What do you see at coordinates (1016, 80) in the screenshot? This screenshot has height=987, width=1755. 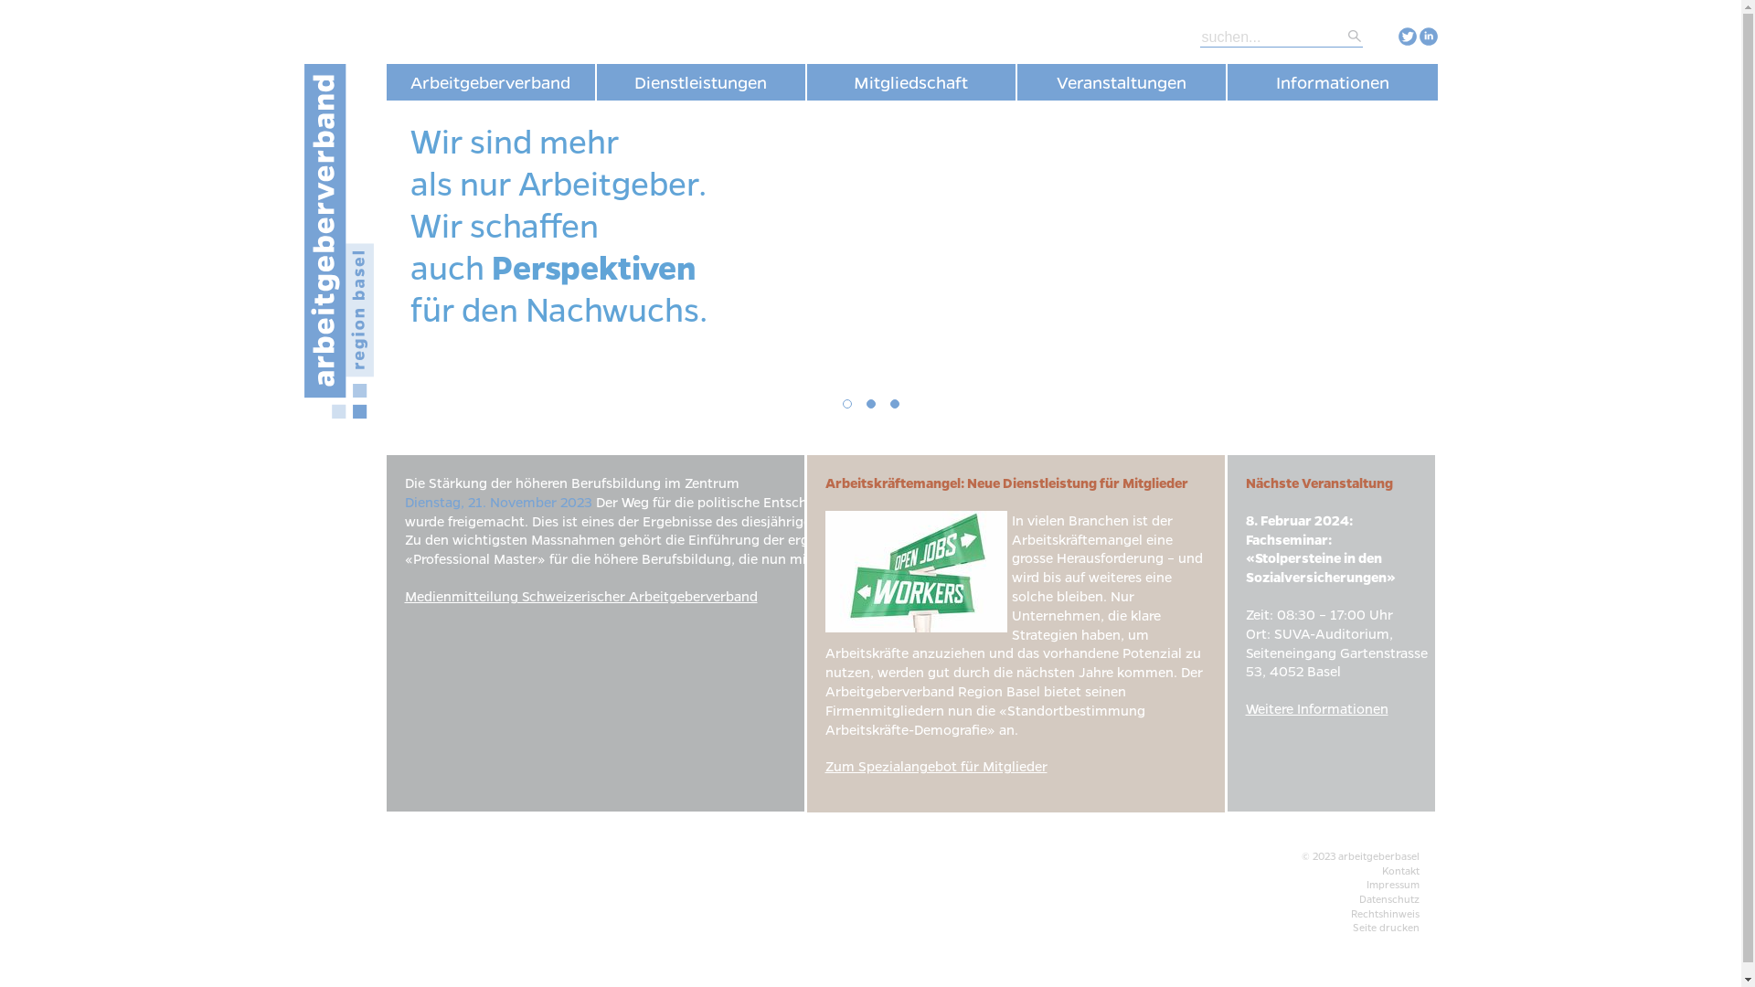 I see `'Veranstaltungen'` at bounding box center [1016, 80].